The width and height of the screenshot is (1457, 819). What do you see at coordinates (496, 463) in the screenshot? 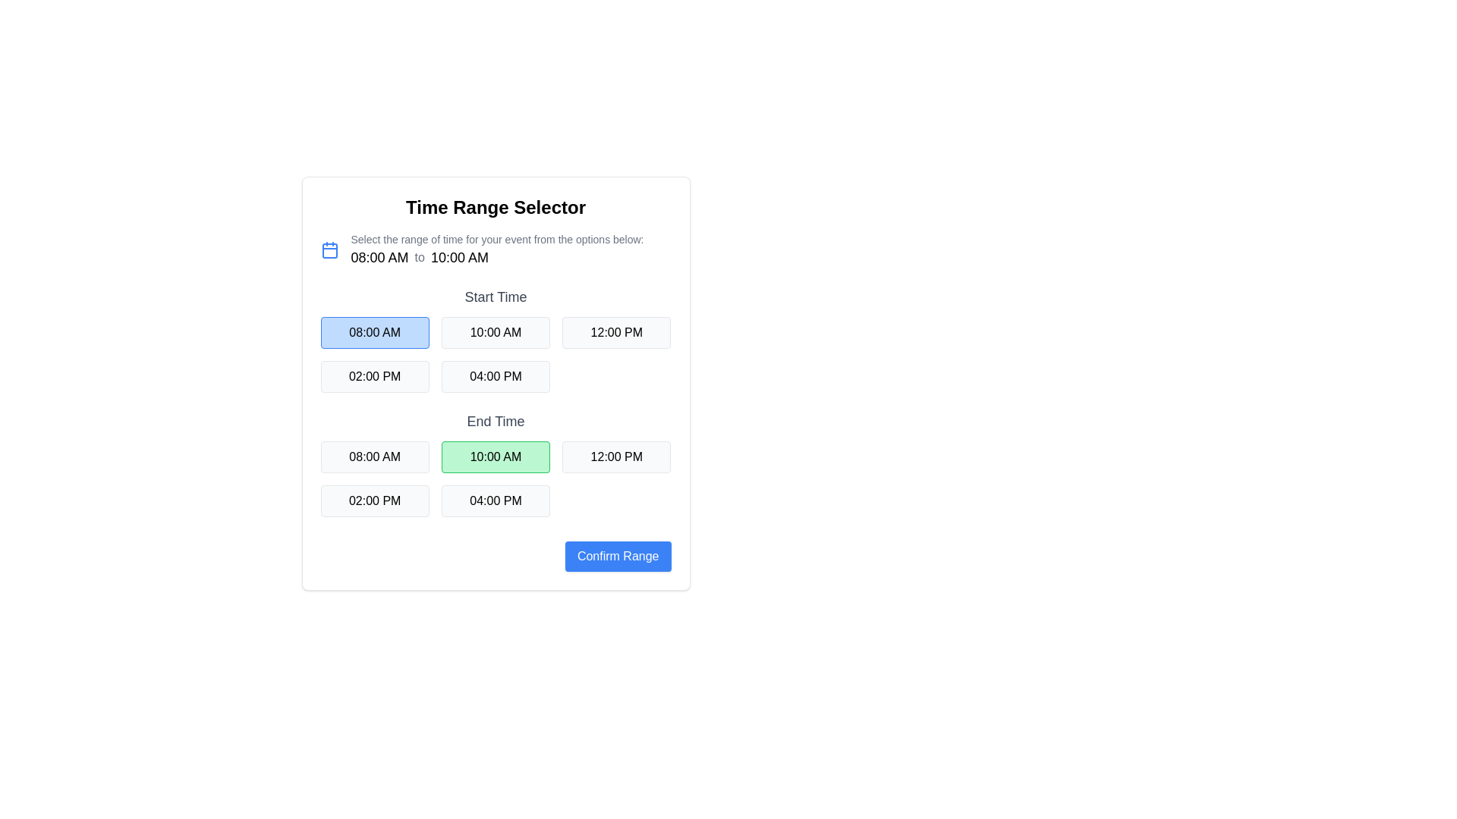
I see `the 'End Time' button marked with a green background at the second cell in the top row of the selection grid` at bounding box center [496, 463].